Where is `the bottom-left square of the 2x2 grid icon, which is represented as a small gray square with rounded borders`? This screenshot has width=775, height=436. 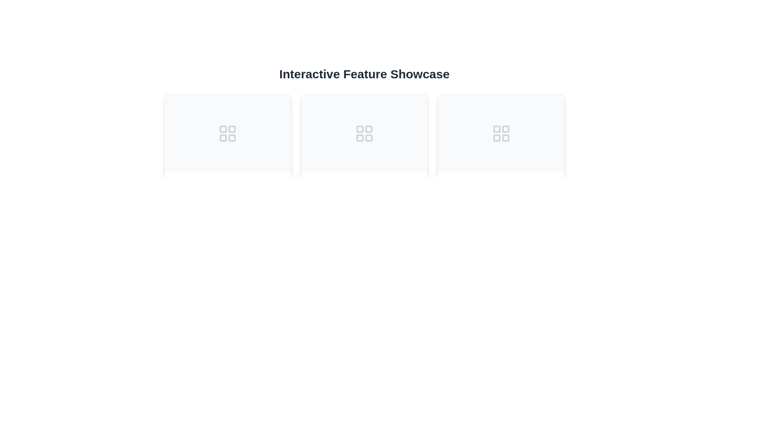 the bottom-left square of the 2x2 grid icon, which is represented as a small gray square with rounded borders is located at coordinates (496, 138).